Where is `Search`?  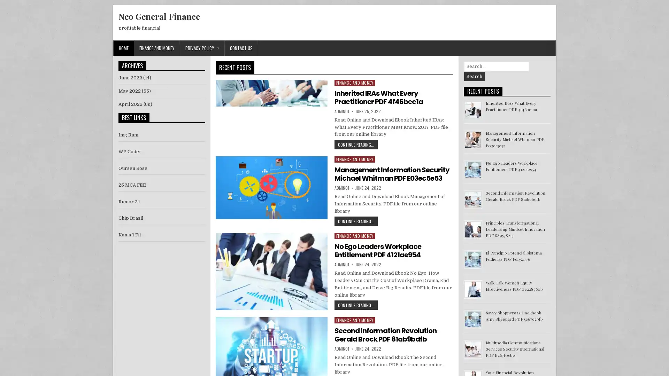 Search is located at coordinates (474, 76).